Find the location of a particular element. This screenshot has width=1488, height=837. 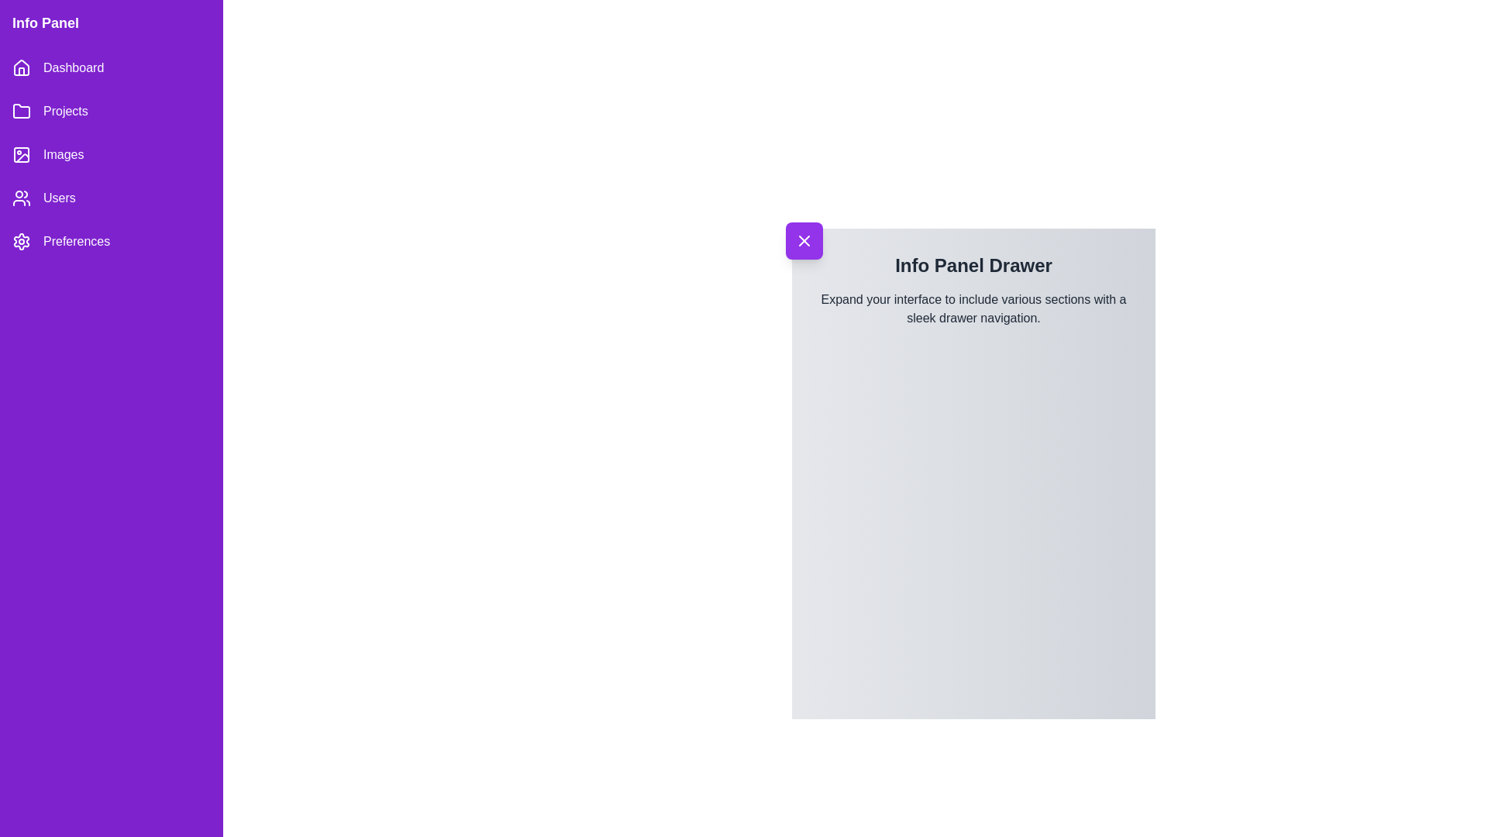

the menu item Dashboard to observe its hover effect is located at coordinates (111, 67).